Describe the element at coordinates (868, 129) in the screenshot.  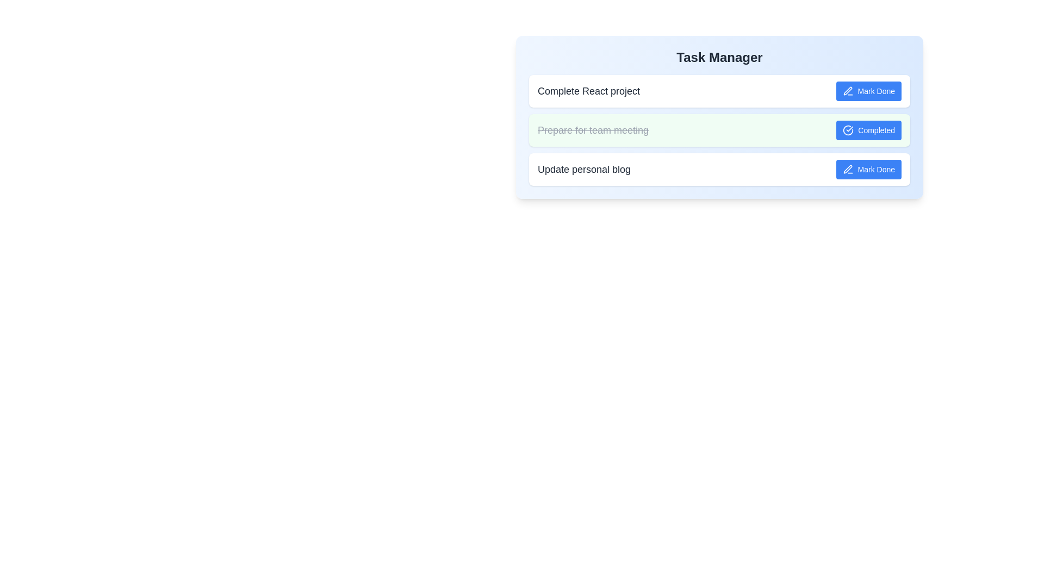
I see `button next to the task labeled 'Prepare for team meeting' to toggle its completion status` at that location.